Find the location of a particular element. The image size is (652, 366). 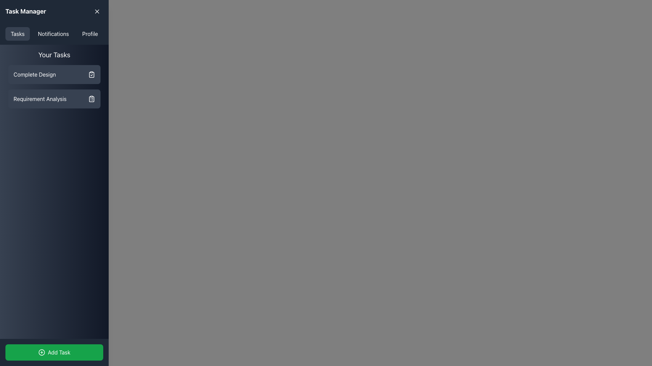

the 'Tasks' button, which is a rectangular button with a dark background and light-colored text, located at the top-left of the navigation bar is located at coordinates (18, 34).